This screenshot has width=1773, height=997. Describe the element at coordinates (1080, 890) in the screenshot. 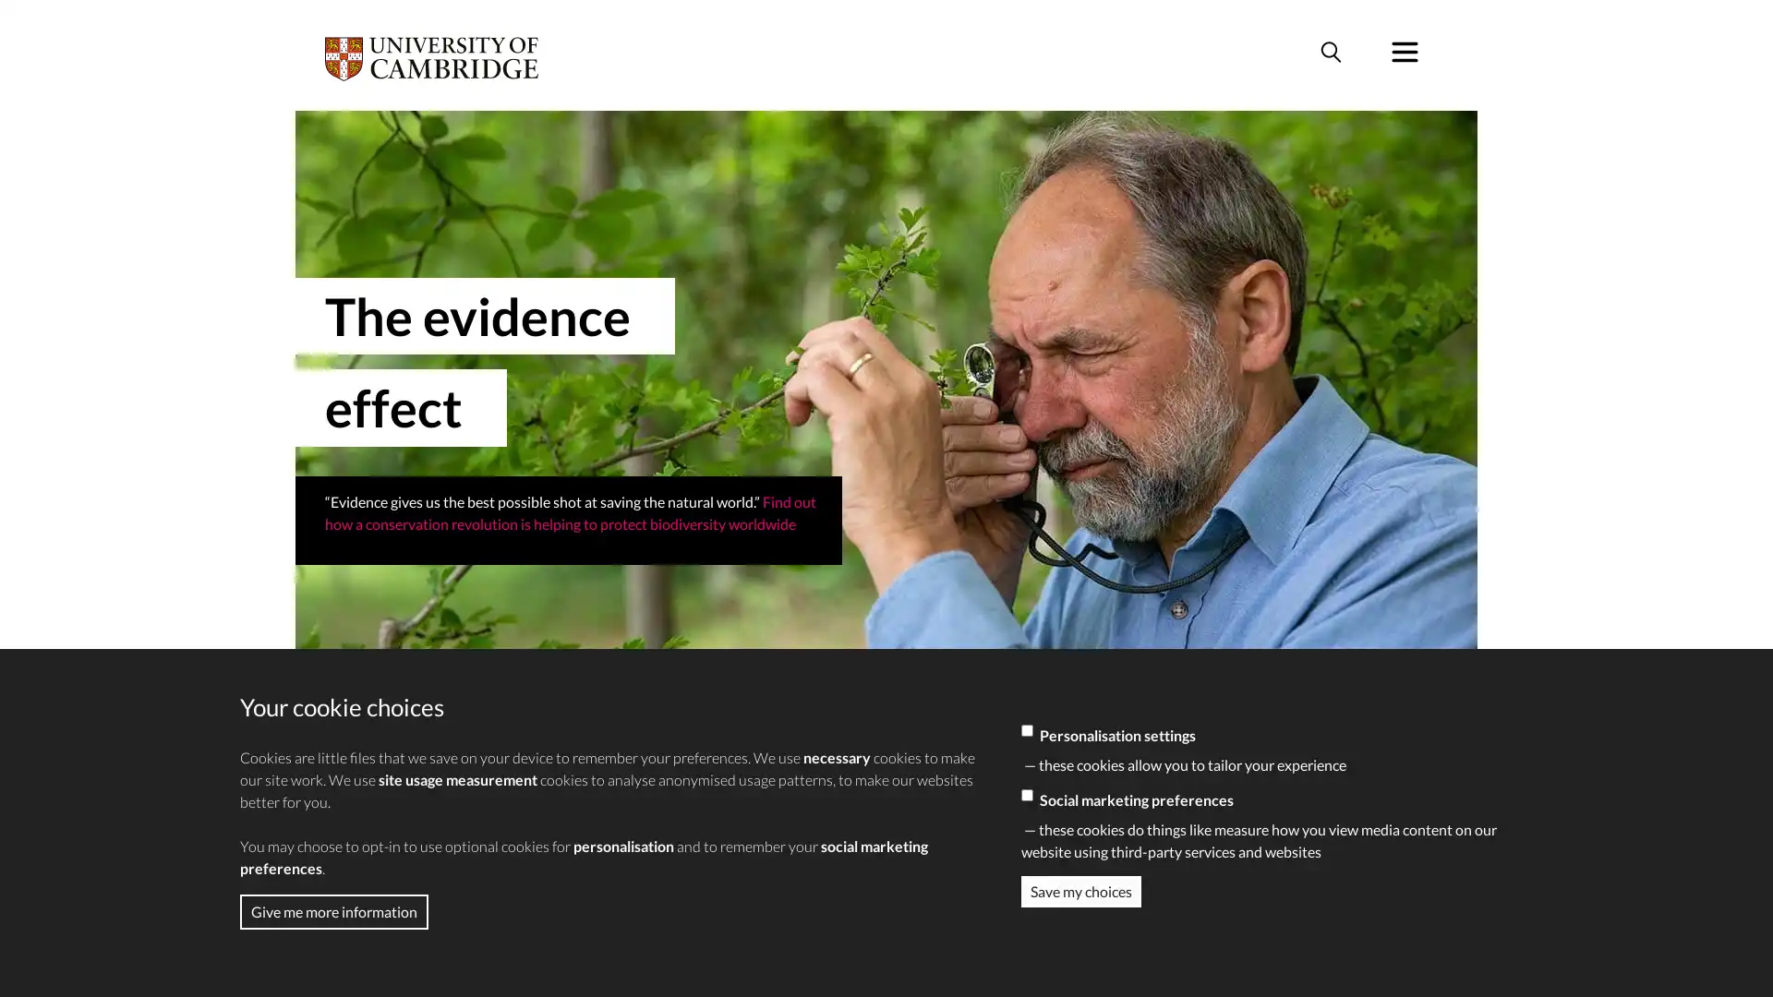

I see `Save my choices` at that location.